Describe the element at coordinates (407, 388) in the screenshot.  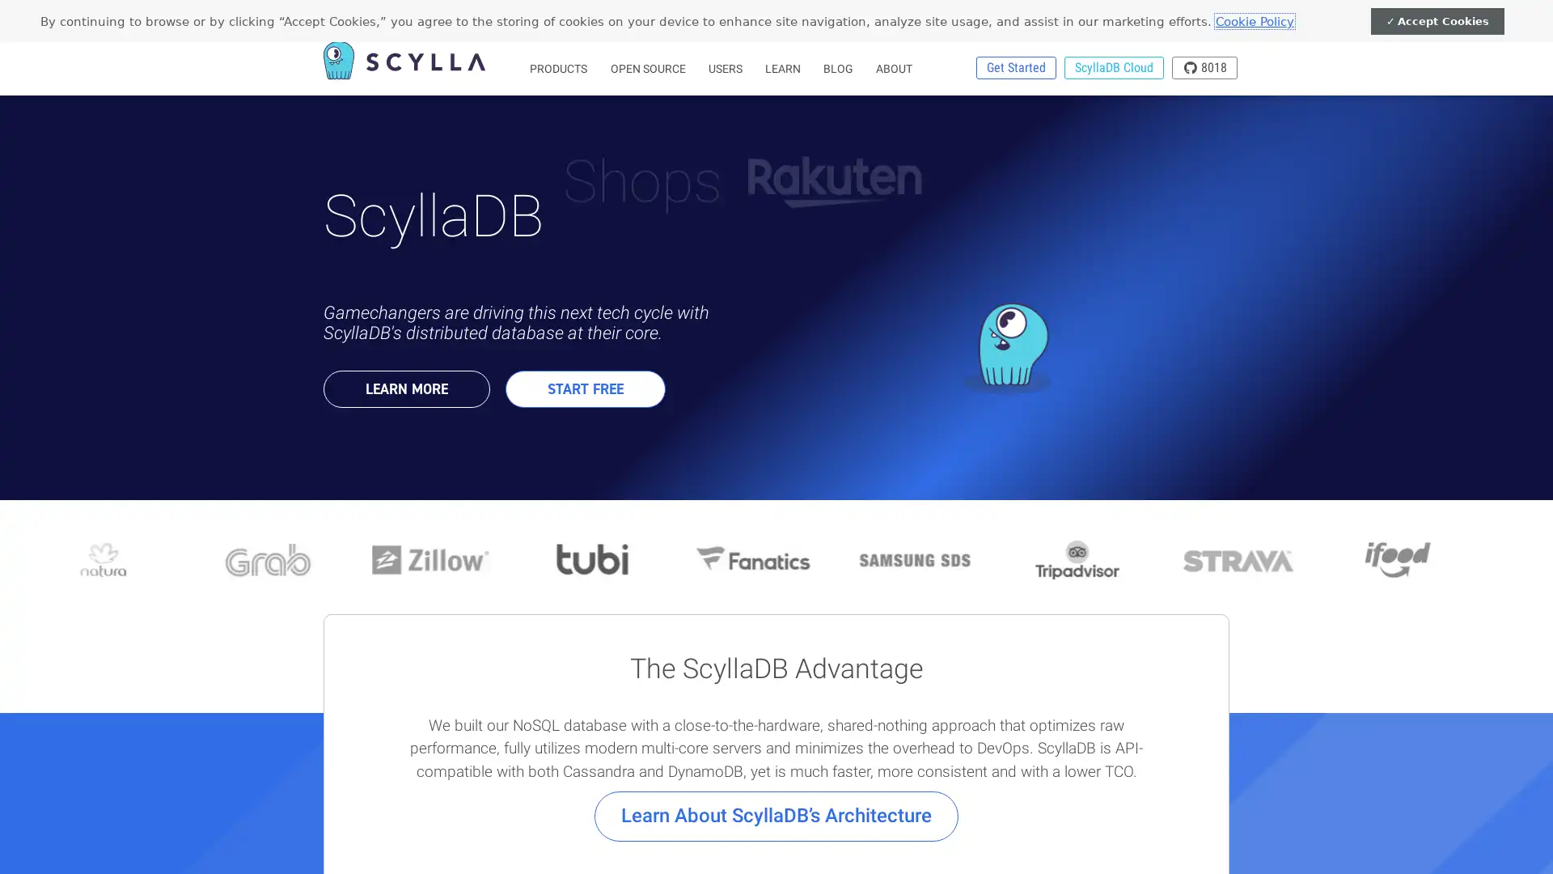
I see `LEARN MORE` at that location.